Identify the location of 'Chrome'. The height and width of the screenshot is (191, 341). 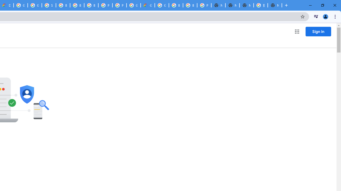
(335, 16).